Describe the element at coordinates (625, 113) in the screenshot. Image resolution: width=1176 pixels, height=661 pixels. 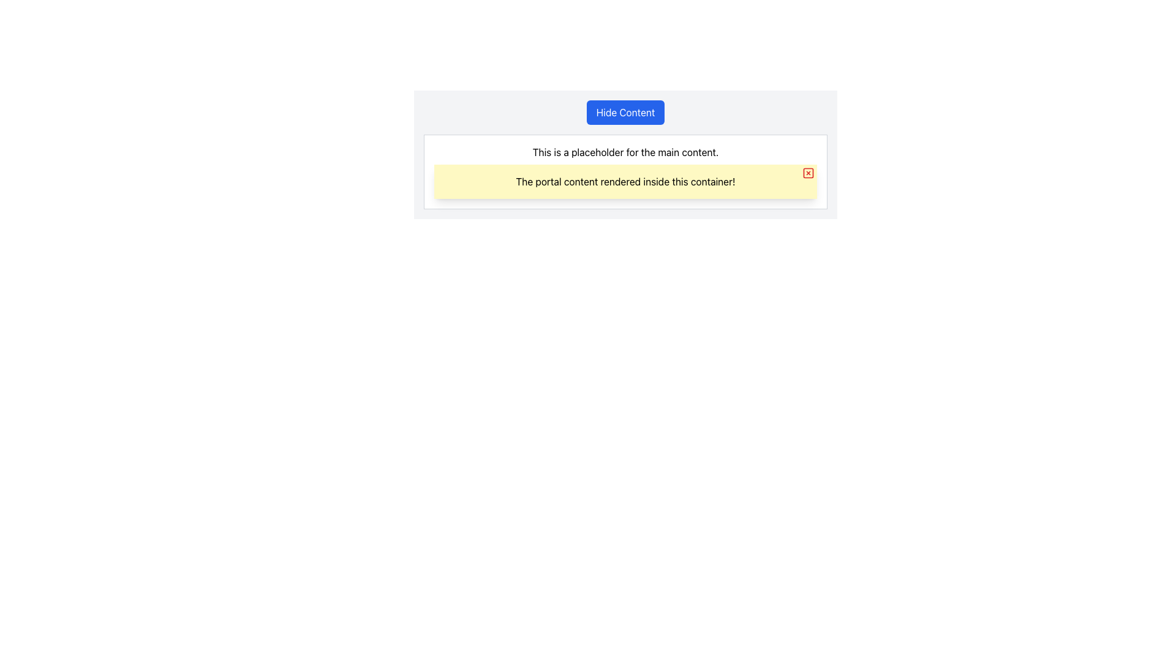
I see `the blue button with rounded corners labeled 'Hide Content'` at that location.